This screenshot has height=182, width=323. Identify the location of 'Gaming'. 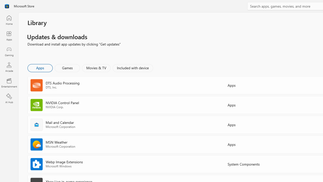
(9, 51).